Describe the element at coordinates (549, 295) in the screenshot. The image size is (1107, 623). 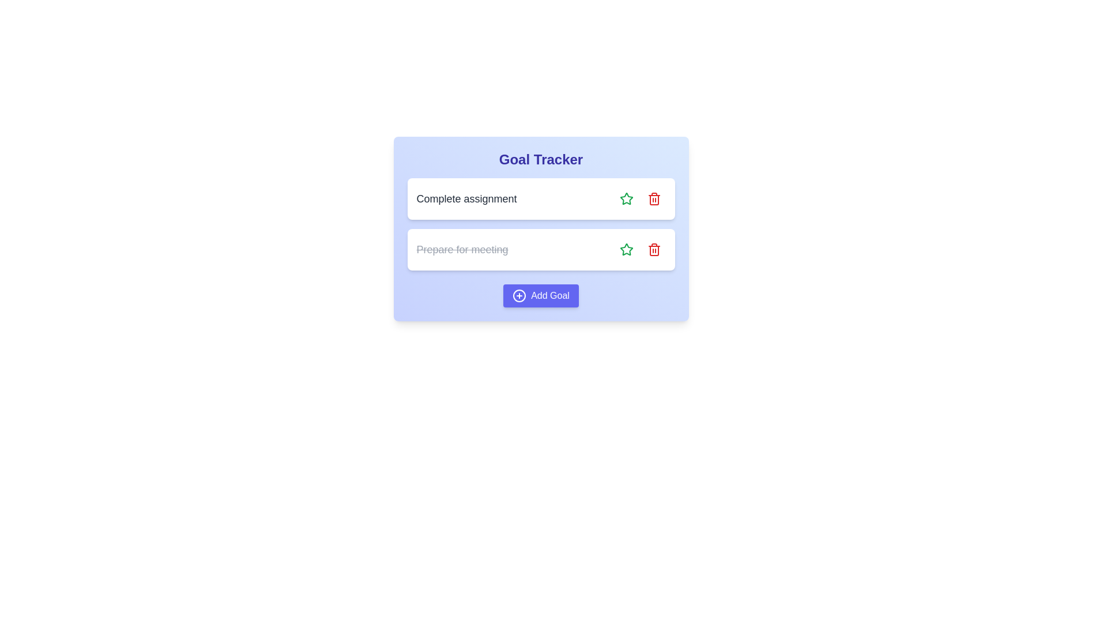
I see `'Add Goal' label which is part of a button with a purple background and white text, located in the centered 'Goal Tracker' interface` at that location.